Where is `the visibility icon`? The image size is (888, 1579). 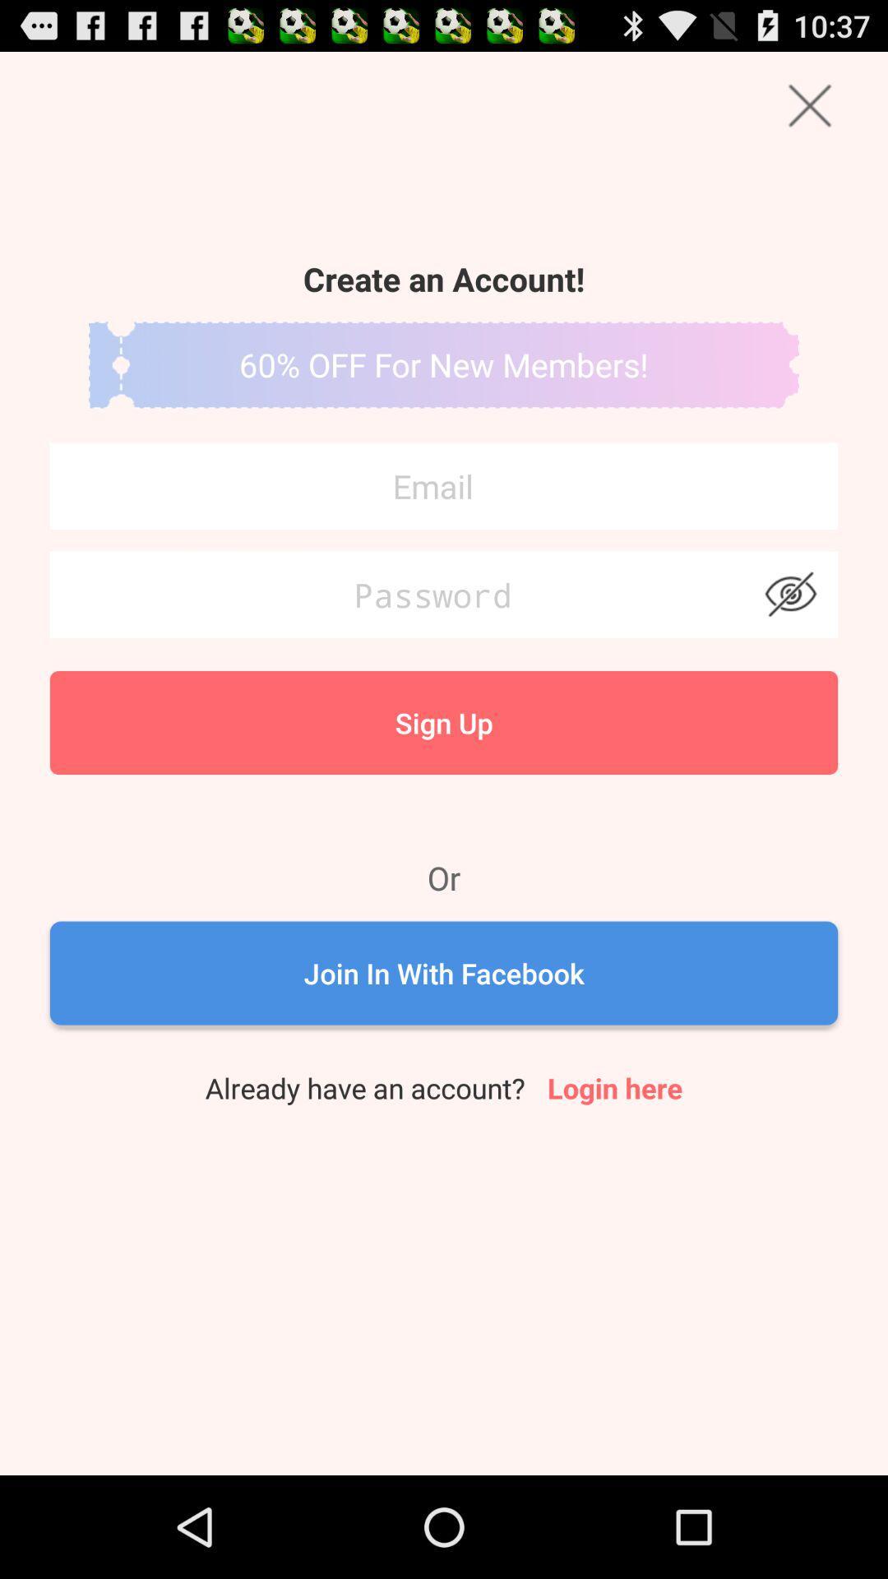 the visibility icon is located at coordinates (789, 636).